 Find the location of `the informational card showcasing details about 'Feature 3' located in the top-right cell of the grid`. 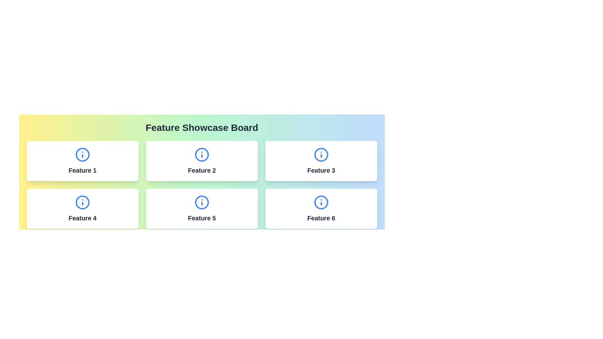

the informational card showcasing details about 'Feature 3' located in the top-right cell of the grid is located at coordinates (321, 161).